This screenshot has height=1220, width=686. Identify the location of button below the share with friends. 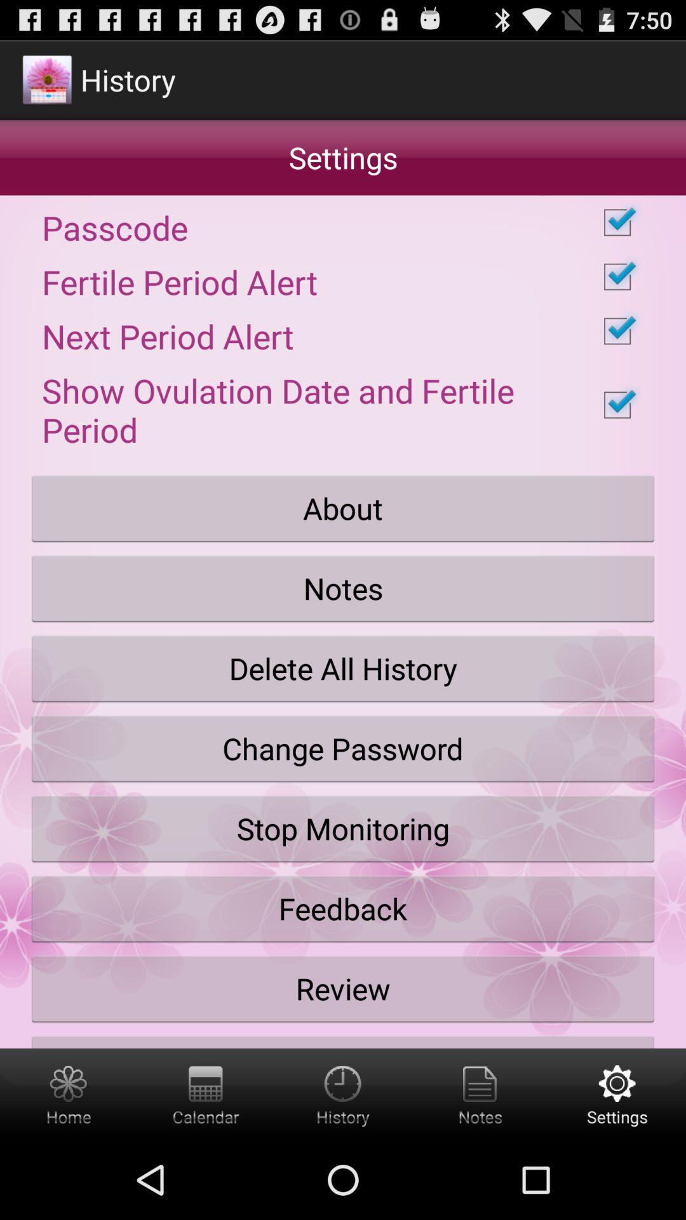
(617, 1094).